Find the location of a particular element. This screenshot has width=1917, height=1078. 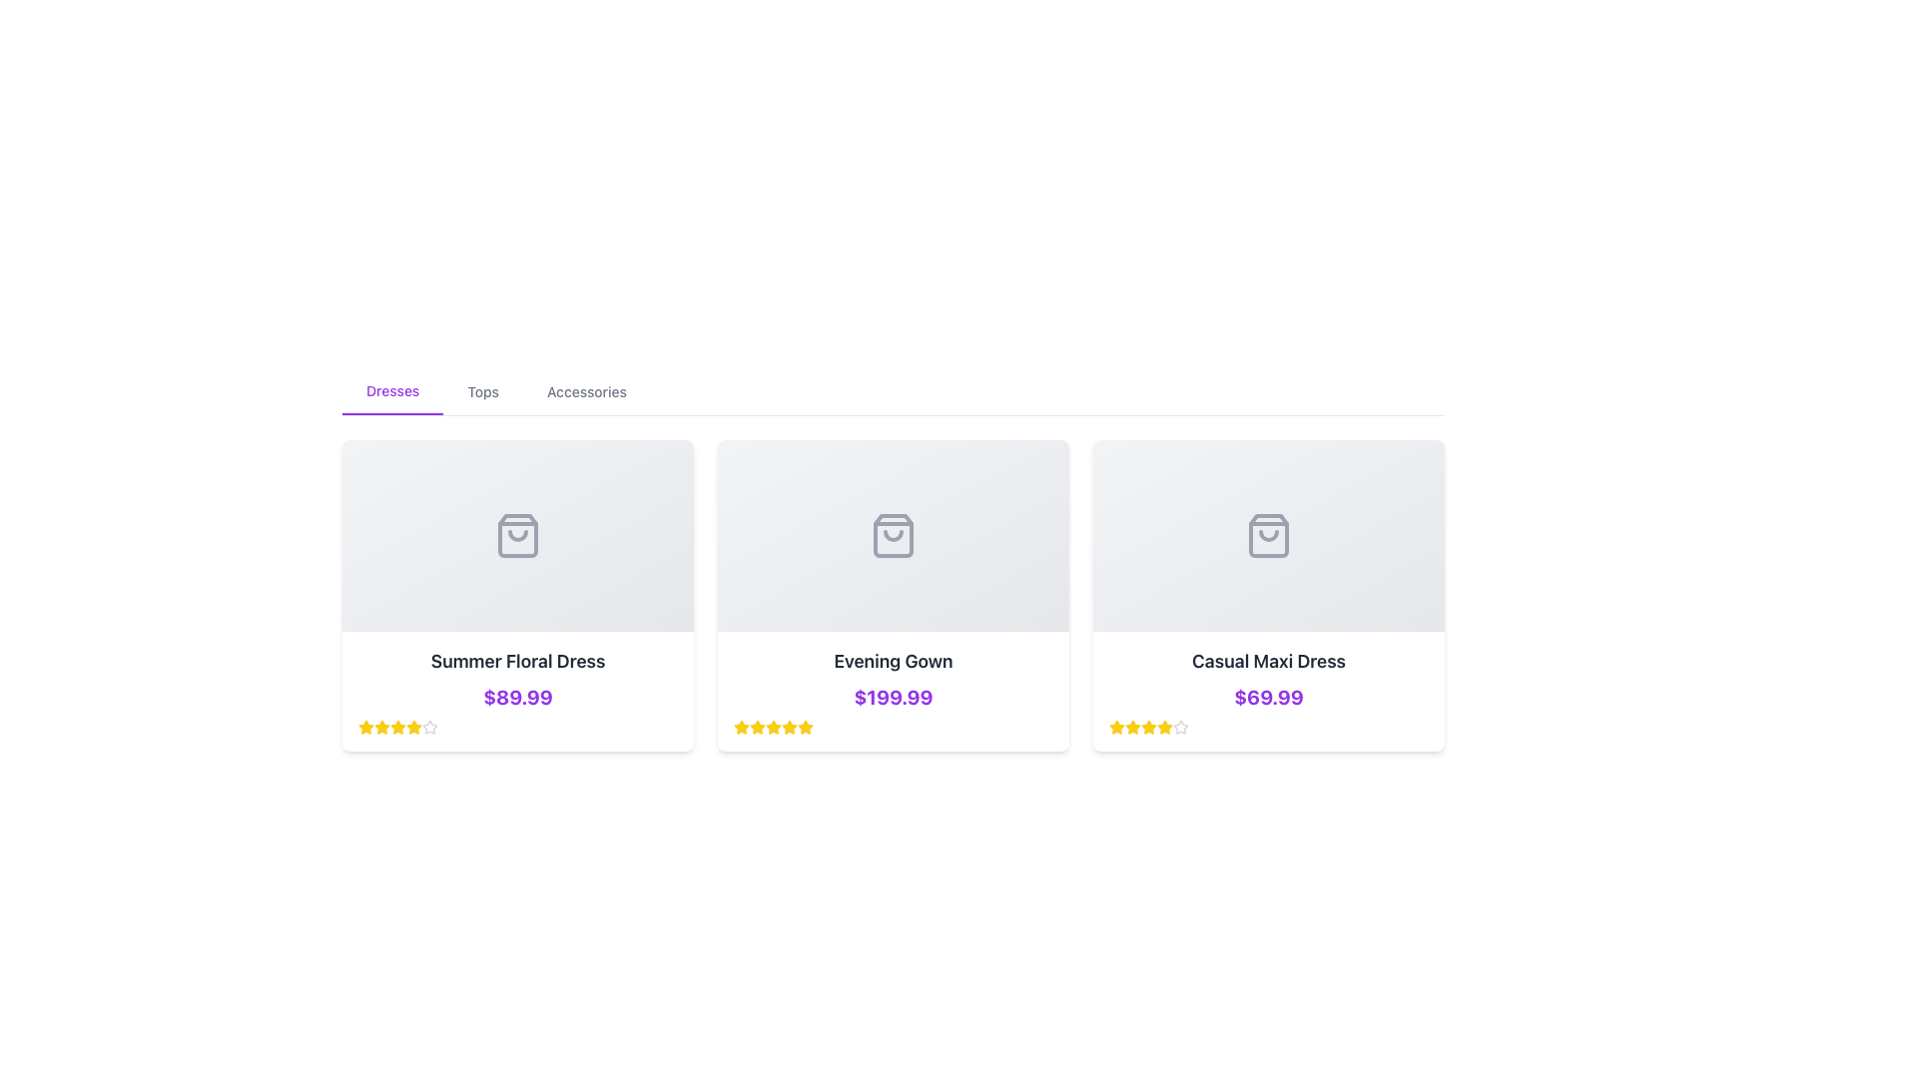

the yellow star icon that represents the second star in the rating system located directly below the product title 'Summer Floral Dress' is located at coordinates (382, 727).